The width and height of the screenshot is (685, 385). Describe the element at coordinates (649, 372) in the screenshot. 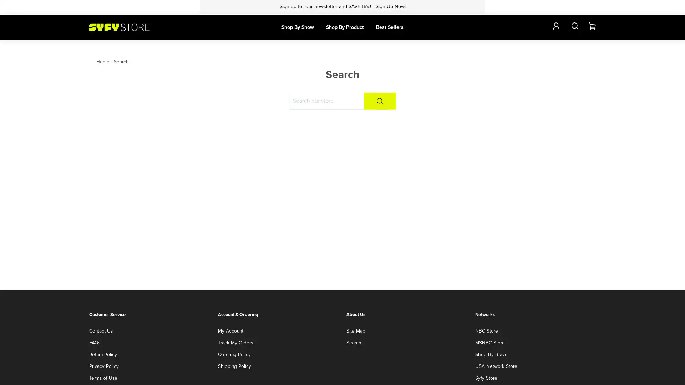

I see `Accept All` at that location.